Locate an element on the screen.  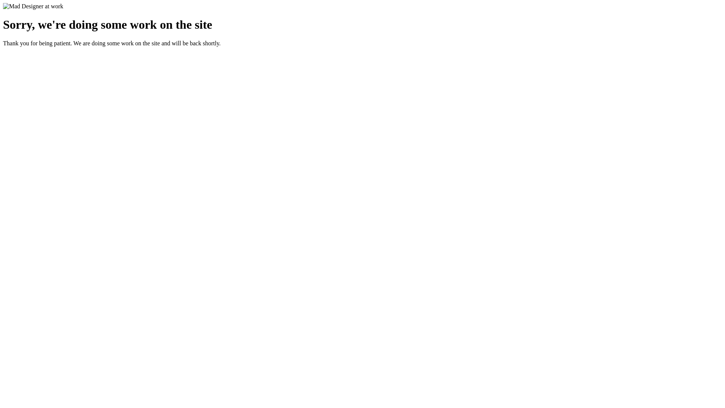
'Mad Designer at work' is located at coordinates (32, 6).